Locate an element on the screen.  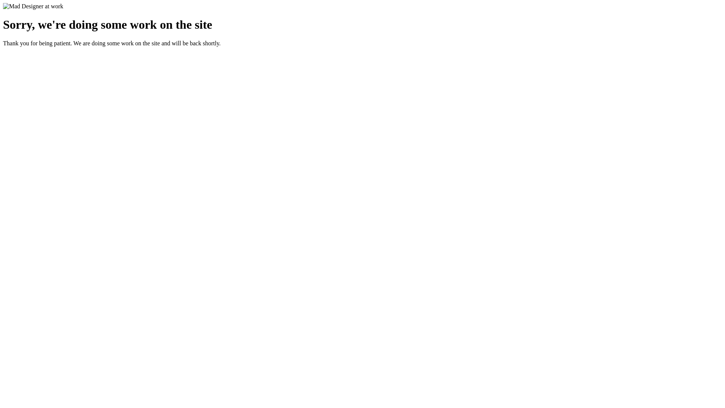
'Mad Designer at work' is located at coordinates (32, 6).